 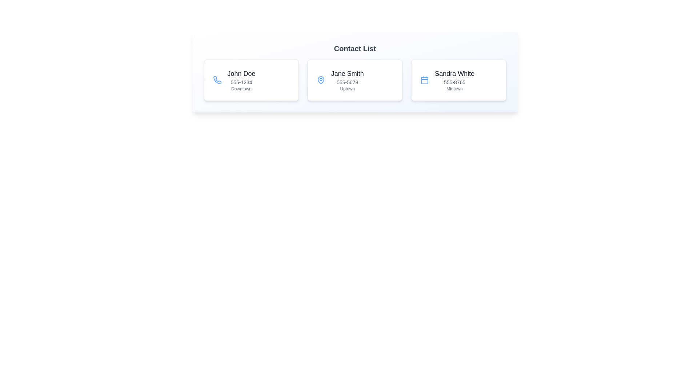 I want to click on the contact card for Jane Smith, so click(x=354, y=80).